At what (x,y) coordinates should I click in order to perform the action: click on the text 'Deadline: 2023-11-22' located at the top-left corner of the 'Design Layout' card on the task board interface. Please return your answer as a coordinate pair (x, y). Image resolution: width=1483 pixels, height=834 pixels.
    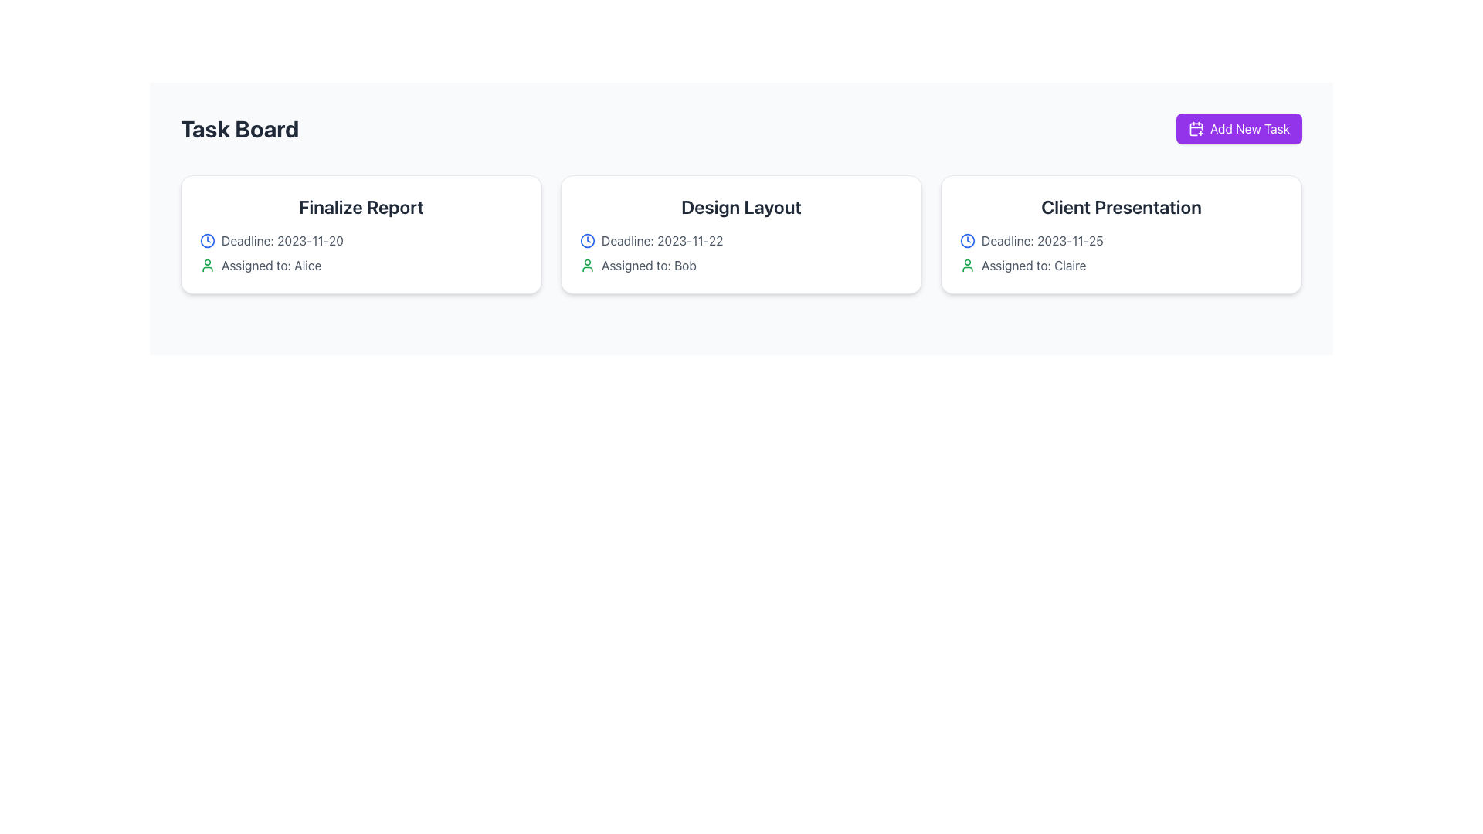
    Looking at the image, I should click on (662, 241).